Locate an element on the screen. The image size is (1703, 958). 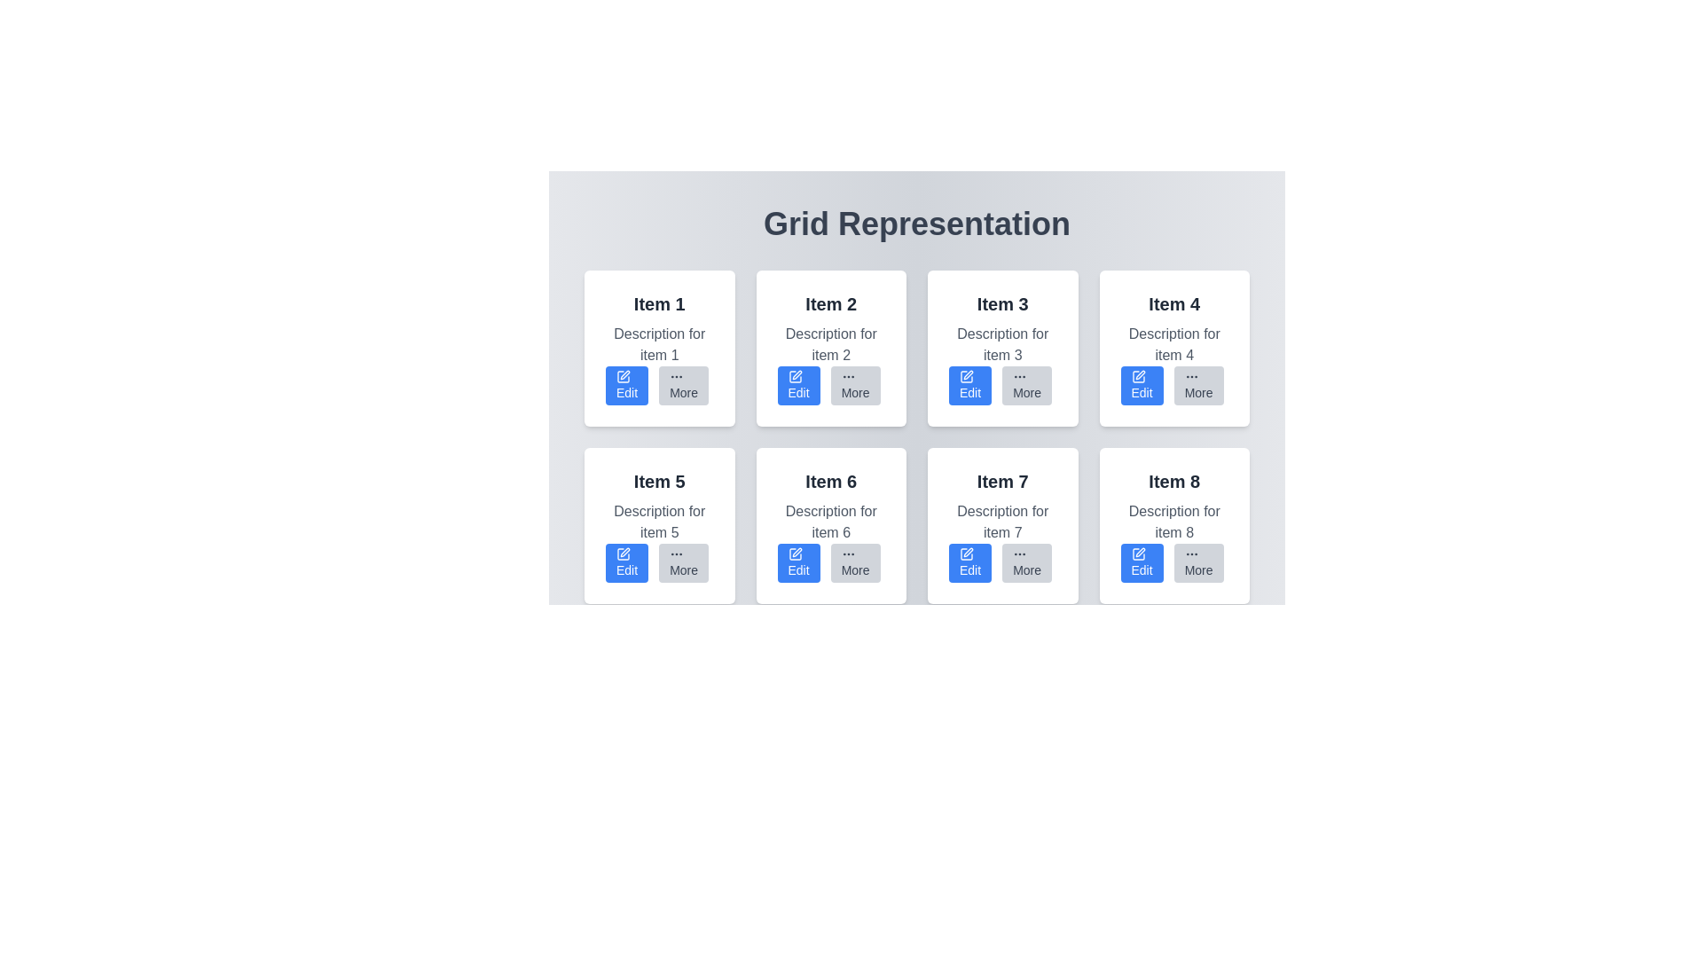
the graphical icon resembling a pen or pencil line segment within the sixth item card of a 4x2 grid layout is located at coordinates (796, 552).